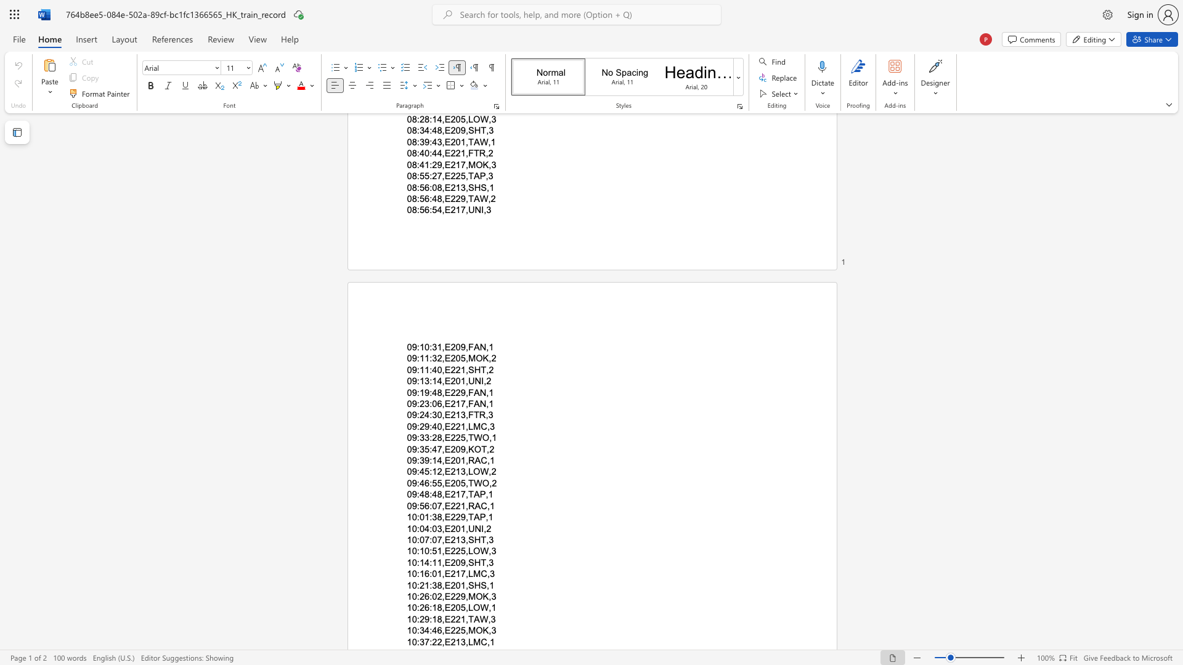 Image resolution: width=1183 pixels, height=665 pixels. Describe the element at coordinates (467, 415) in the screenshot. I see `the subset text "FT" within the text "09:24:30,E213,FTR,3"` at that location.